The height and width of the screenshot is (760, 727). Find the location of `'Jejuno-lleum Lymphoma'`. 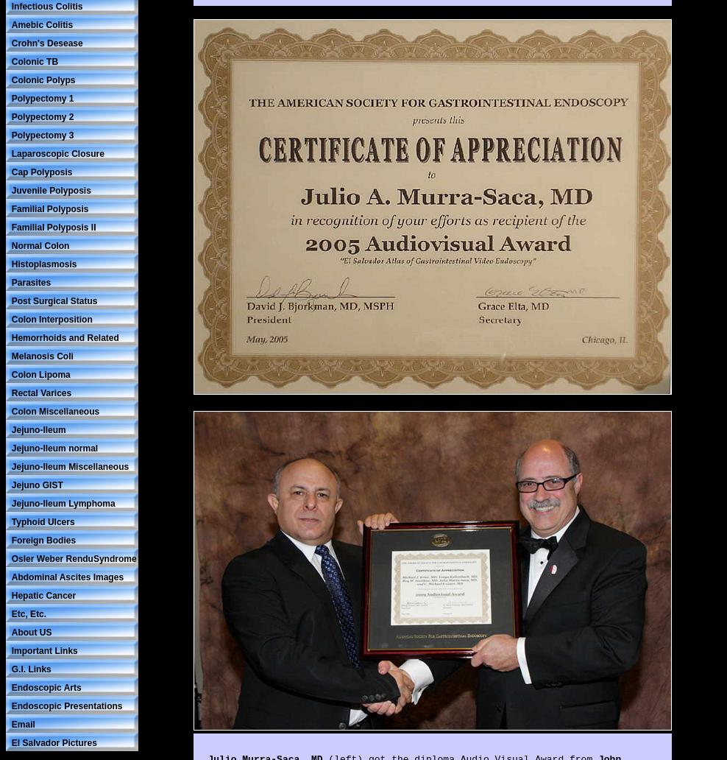

'Jejuno-lleum Lymphoma' is located at coordinates (63, 502).